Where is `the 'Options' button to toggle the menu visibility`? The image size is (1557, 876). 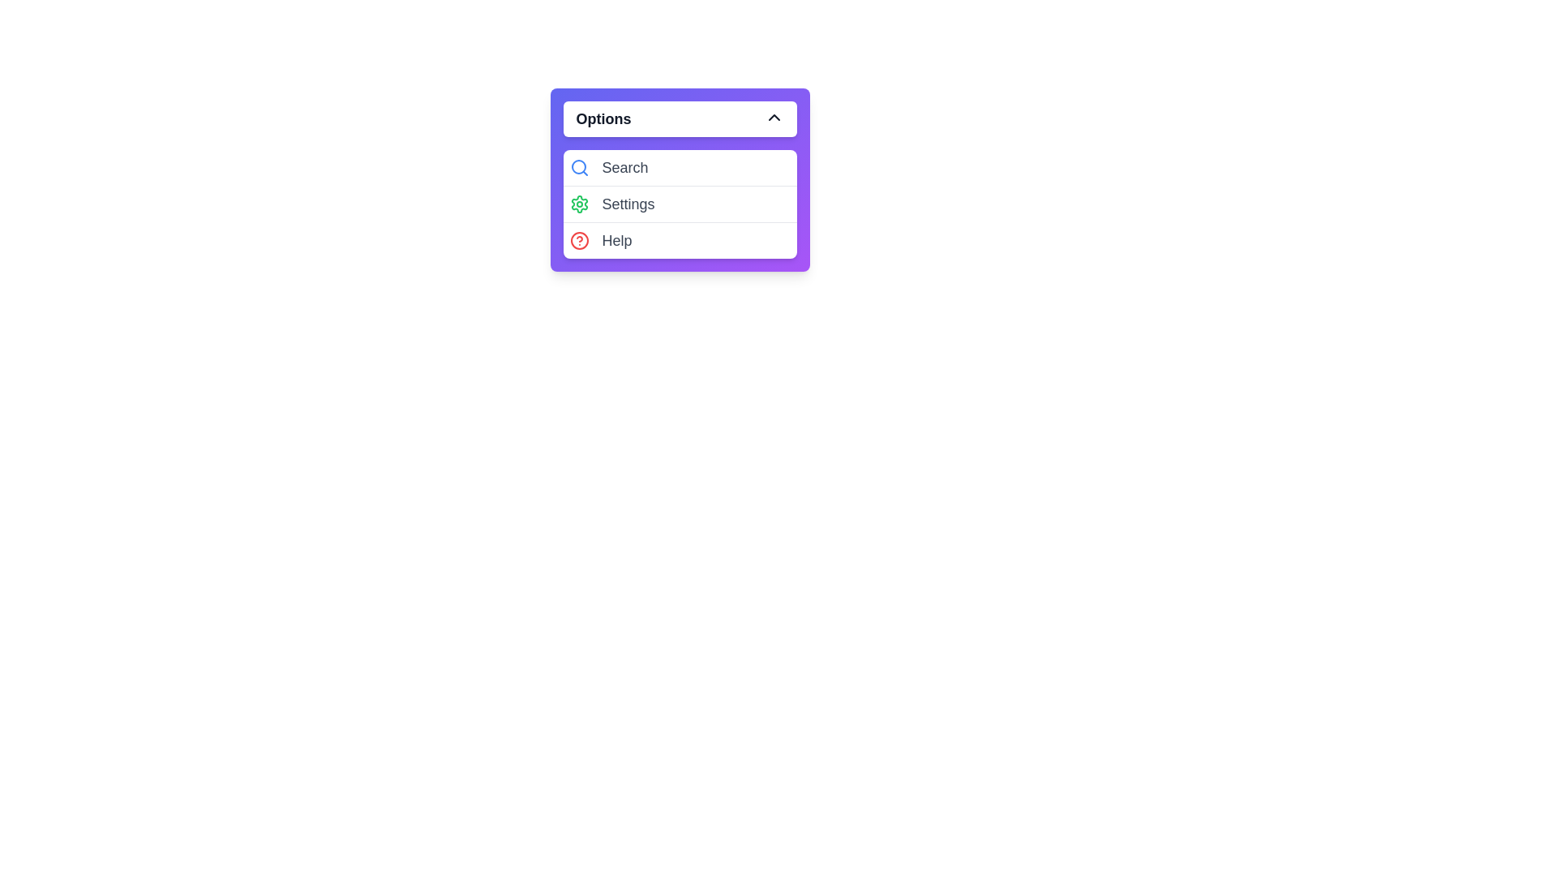 the 'Options' button to toggle the menu visibility is located at coordinates (680, 118).